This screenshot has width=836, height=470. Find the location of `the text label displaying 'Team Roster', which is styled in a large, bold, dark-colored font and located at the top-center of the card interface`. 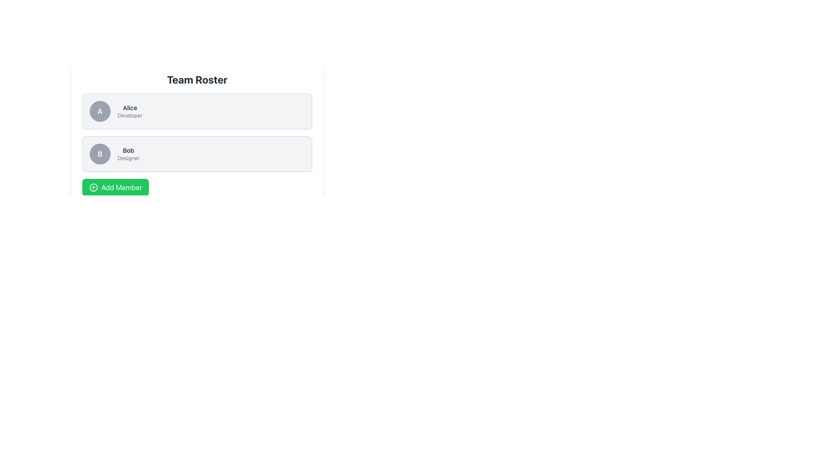

the text label displaying 'Team Roster', which is styled in a large, bold, dark-colored font and located at the top-center of the card interface is located at coordinates (196, 79).